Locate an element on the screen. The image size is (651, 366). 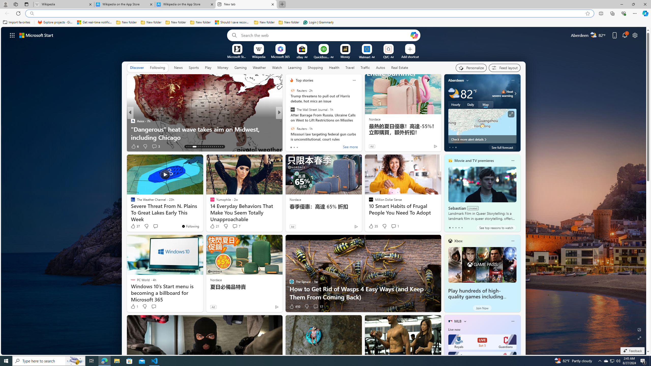
'AutomationID: tab-22' is located at coordinates (208, 147).